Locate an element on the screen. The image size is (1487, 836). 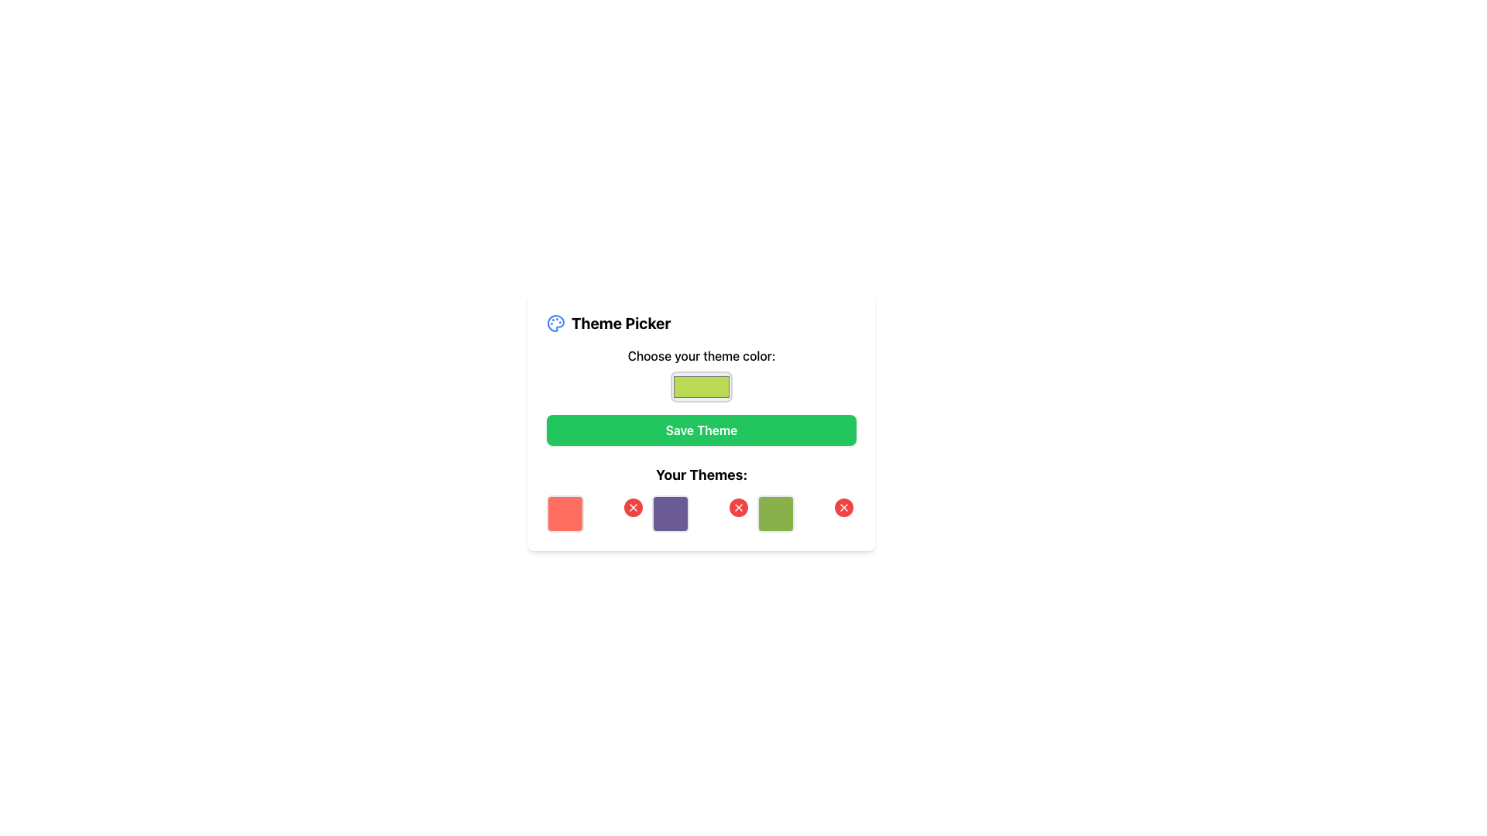
the Icon Button with a red circular background and an outlined 'X' shape is located at coordinates (633, 507).